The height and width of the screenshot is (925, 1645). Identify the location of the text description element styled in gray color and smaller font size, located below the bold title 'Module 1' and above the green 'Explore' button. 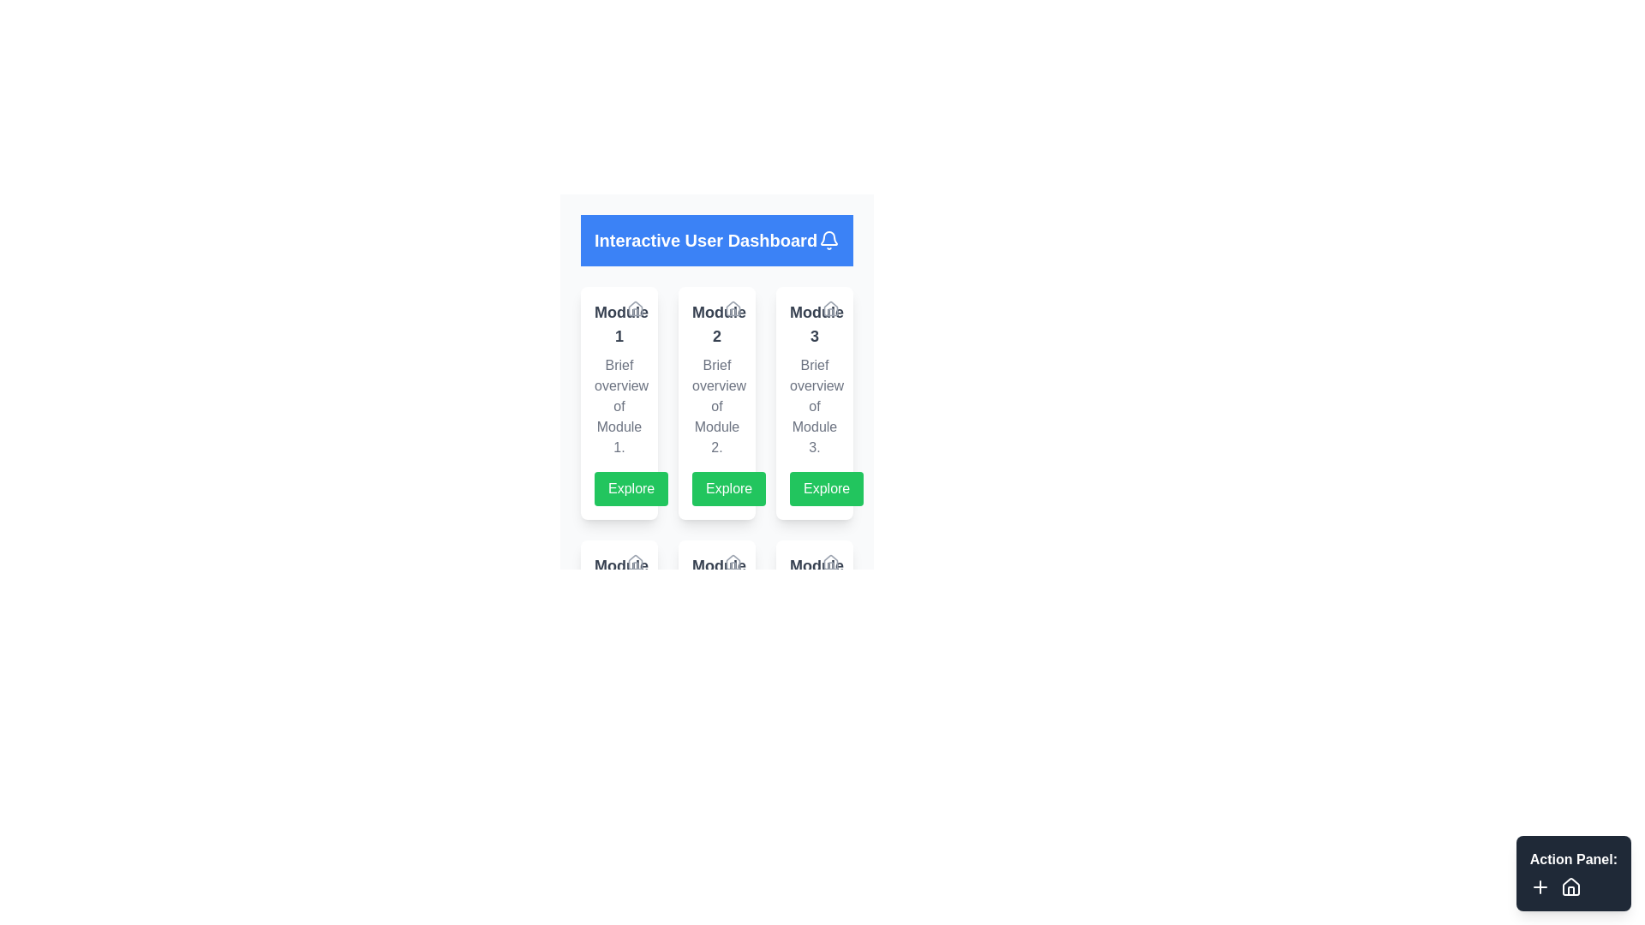
(619, 406).